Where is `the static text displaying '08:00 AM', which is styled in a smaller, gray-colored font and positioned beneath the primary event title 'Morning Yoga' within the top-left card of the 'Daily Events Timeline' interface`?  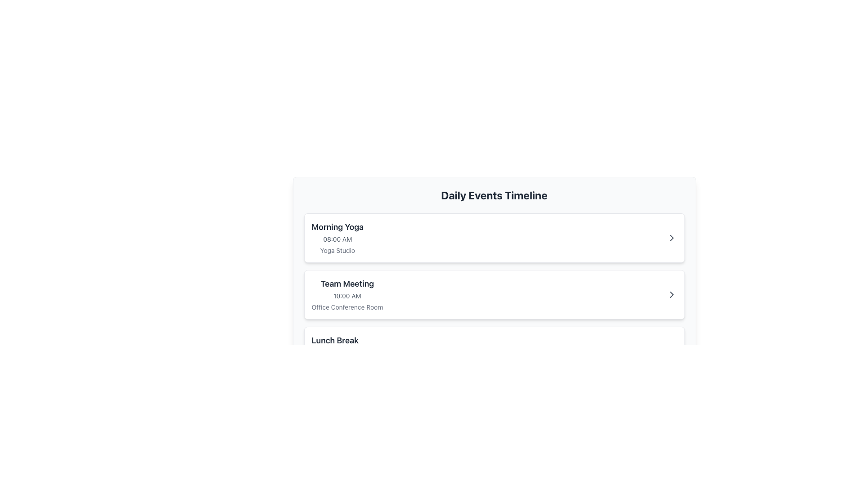
the static text displaying '08:00 AM', which is styled in a smaller, gray-colored font and positioned beneath the primary event title 'Morning Yoga' within the top-left card of the 'Daily Events Timeline' interface is located at coordinates (337, 238).